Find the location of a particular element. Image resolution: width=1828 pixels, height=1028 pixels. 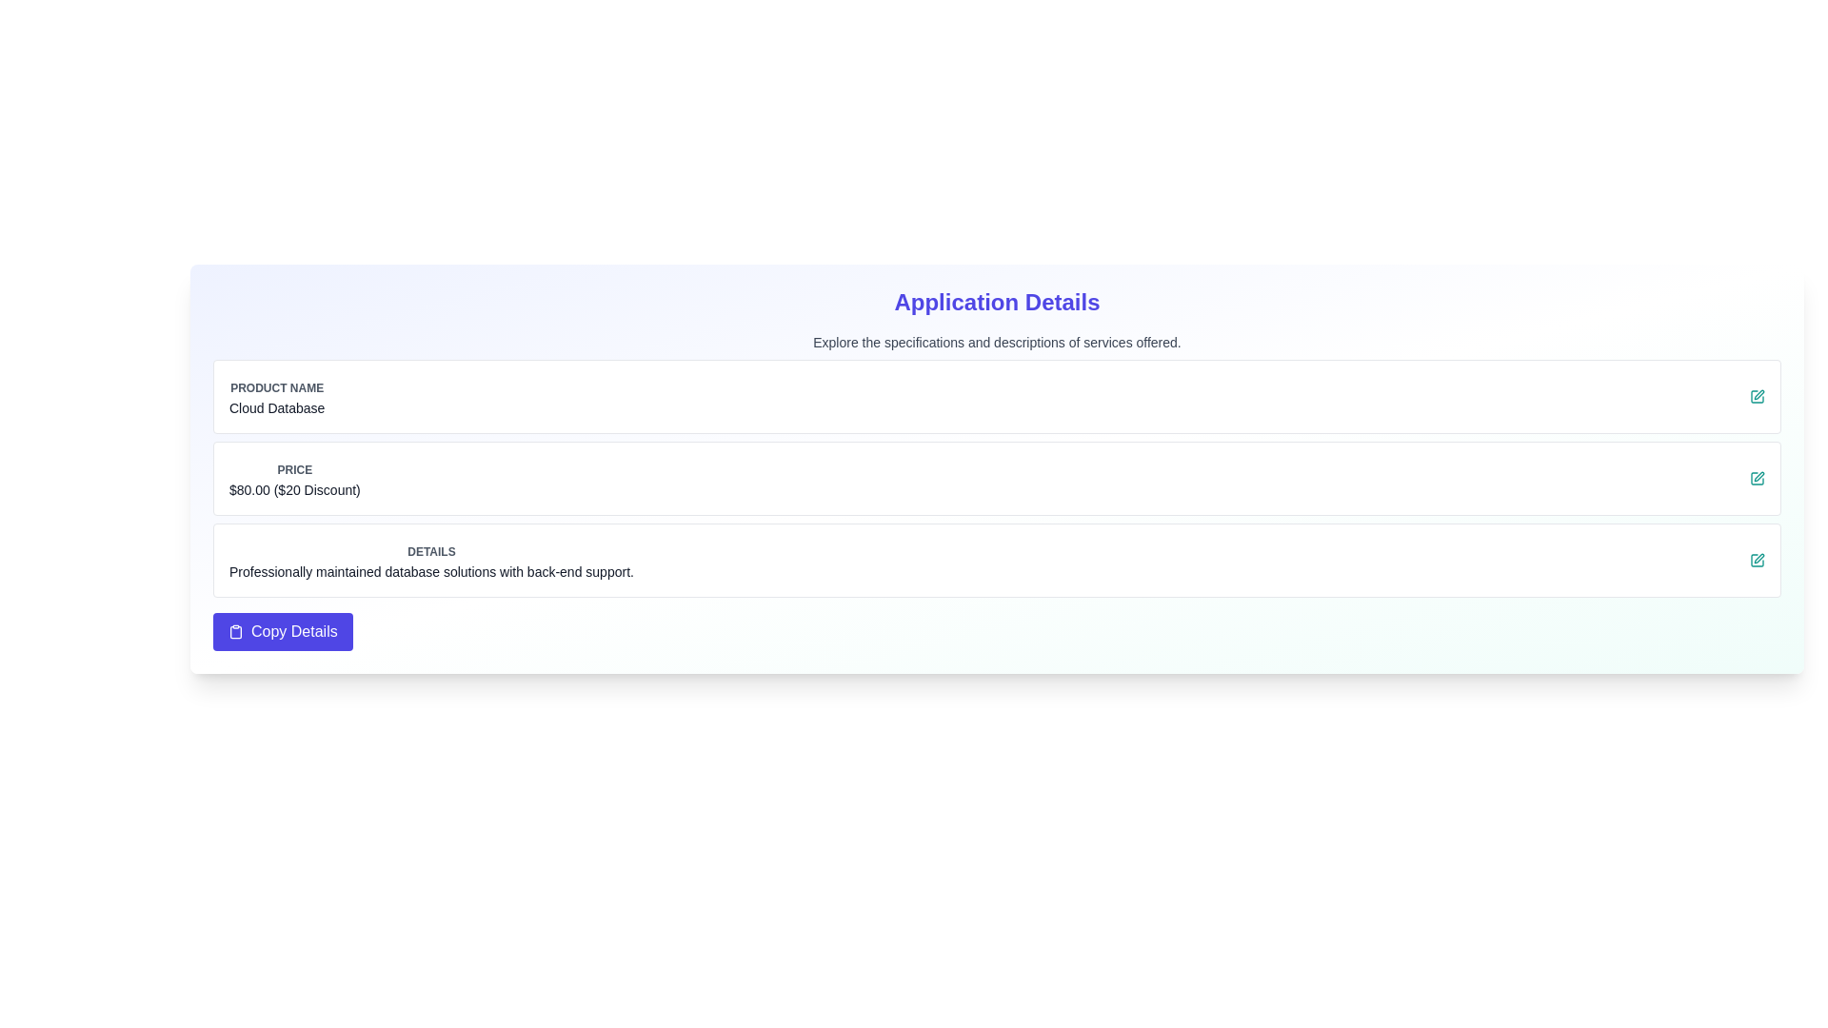

the static header text element displaying 'Application Details', which is bold, large-sized, and indigo, positioned centrally above a descriptive text block is located at coordinates (996, 301).